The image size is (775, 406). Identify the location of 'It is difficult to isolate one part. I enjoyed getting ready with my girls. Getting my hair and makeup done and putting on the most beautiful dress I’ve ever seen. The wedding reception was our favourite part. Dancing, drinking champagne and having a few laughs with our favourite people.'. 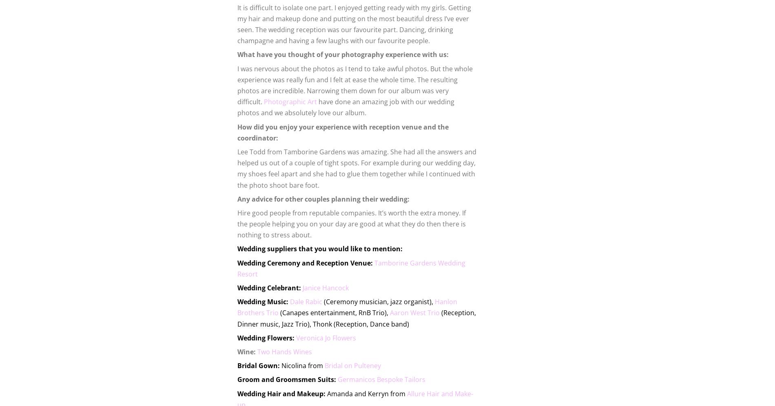
(354, 24).